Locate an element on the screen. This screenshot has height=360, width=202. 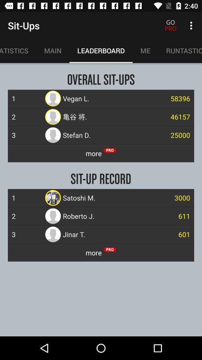
the item to the left of leaderboard icon is located at coordinates (52, 50).